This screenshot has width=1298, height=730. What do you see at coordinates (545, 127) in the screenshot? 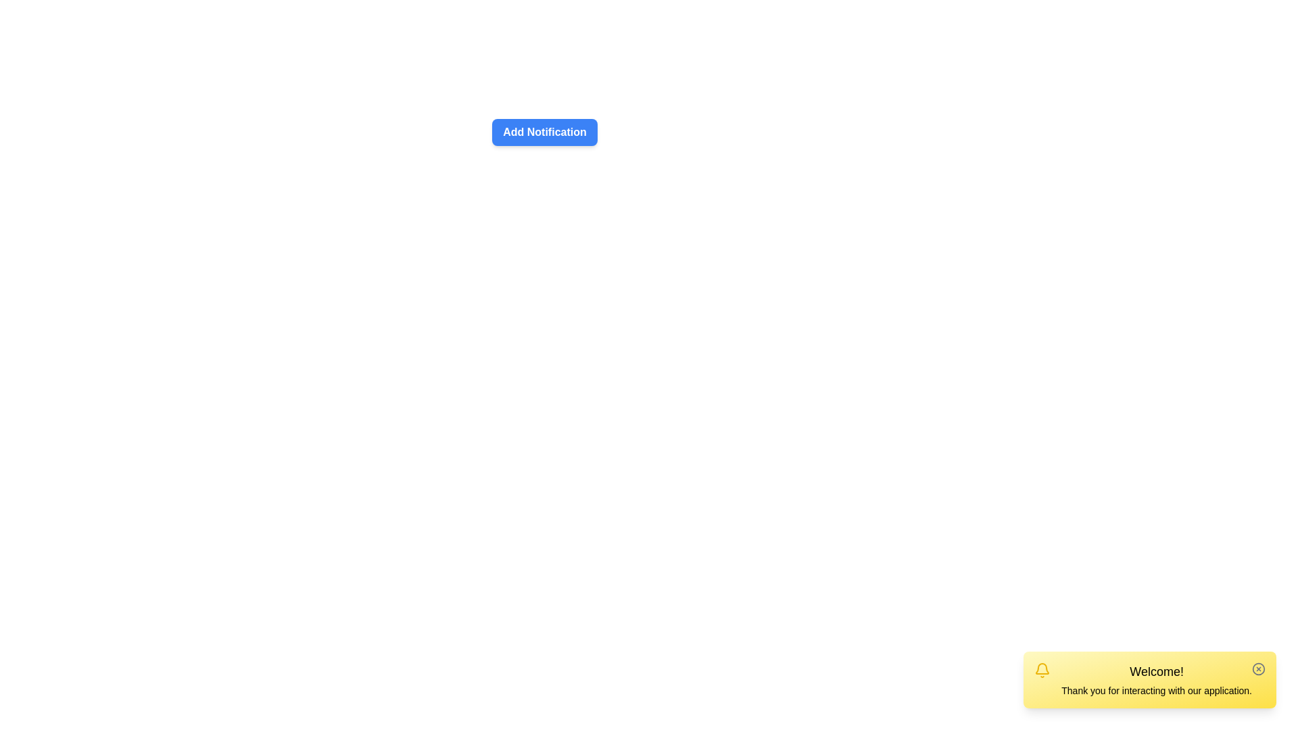
I see `the blue rectangular button with rounded corners that contains the text 'Add Notification' to observe the hover effect` at bounding box center [545, 127].